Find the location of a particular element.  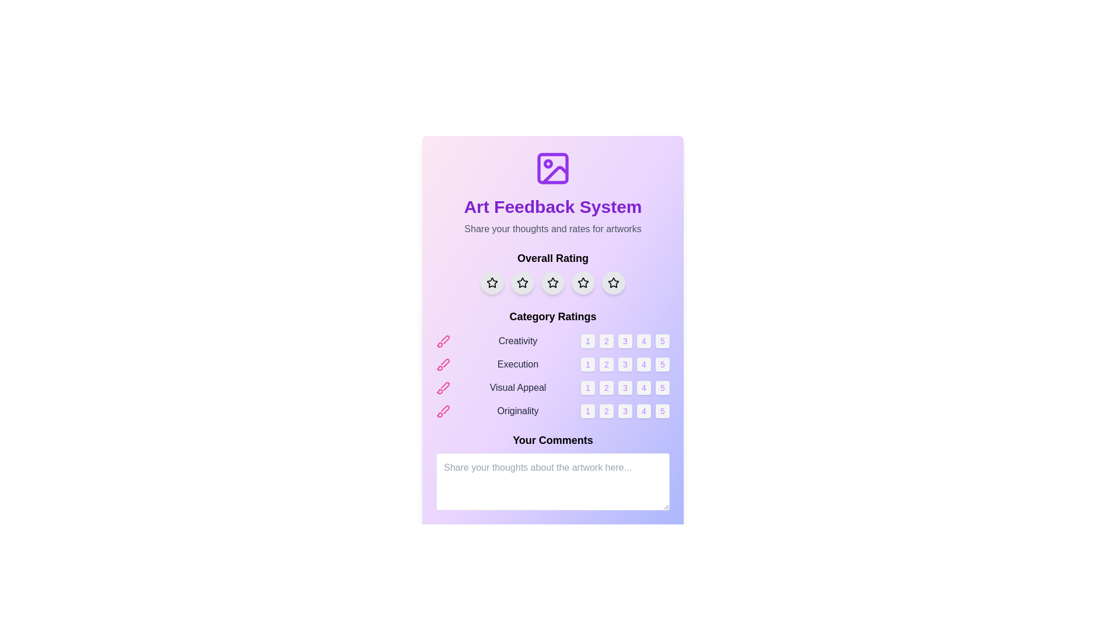

the circular button with a light gray background and a black star outline in the 'Overall Rating' section is located at coordinates (552, 283).